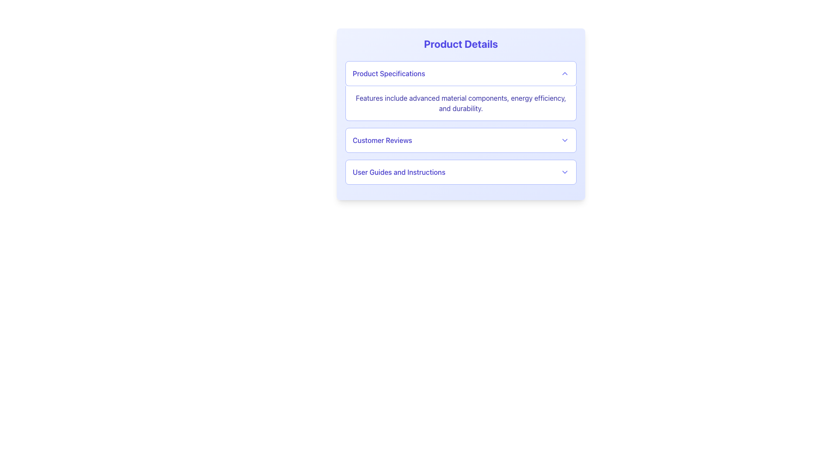 This screenshot has width=828, height=465. I want to click on the toggle icon located on the right side of the header of the 'Product Specifications' section for keyboard interaction, so click(565, 73).